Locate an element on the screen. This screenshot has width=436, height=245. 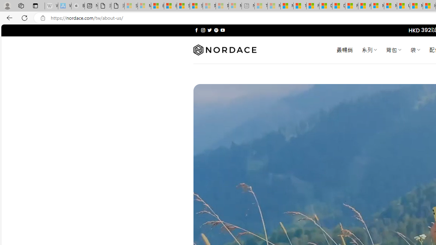
'Food and Drink - MSN' is located at coordinates (312, 6).